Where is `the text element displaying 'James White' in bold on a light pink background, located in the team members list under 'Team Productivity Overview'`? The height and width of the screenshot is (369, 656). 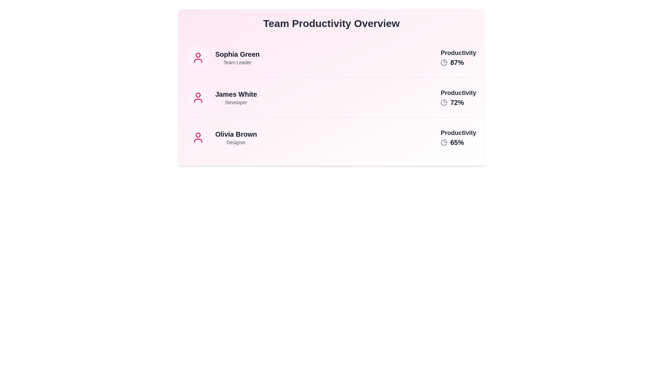
the text element displaying 'James White' in bold on a light pink background, located in the team members list under 'Team Productivity Overview' is located at coordinates (236, 94).